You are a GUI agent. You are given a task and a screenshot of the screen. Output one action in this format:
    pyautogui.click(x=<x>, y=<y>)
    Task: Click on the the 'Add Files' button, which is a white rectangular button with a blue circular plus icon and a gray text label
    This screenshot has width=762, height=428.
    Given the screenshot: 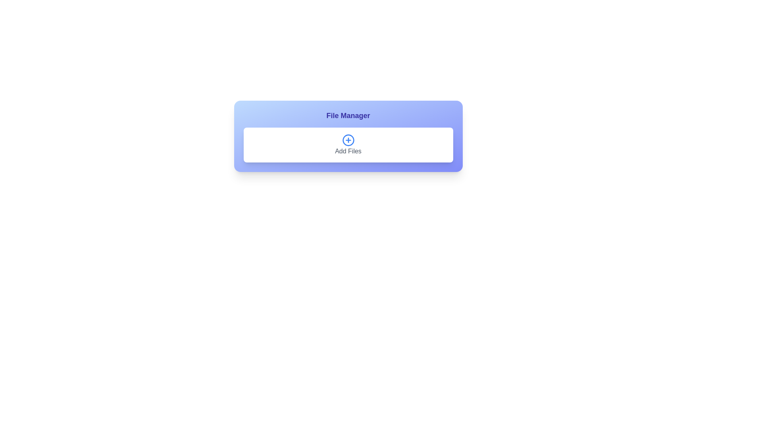 What is the action you would take?
    pyautogui.click(x=348, y=145)
    